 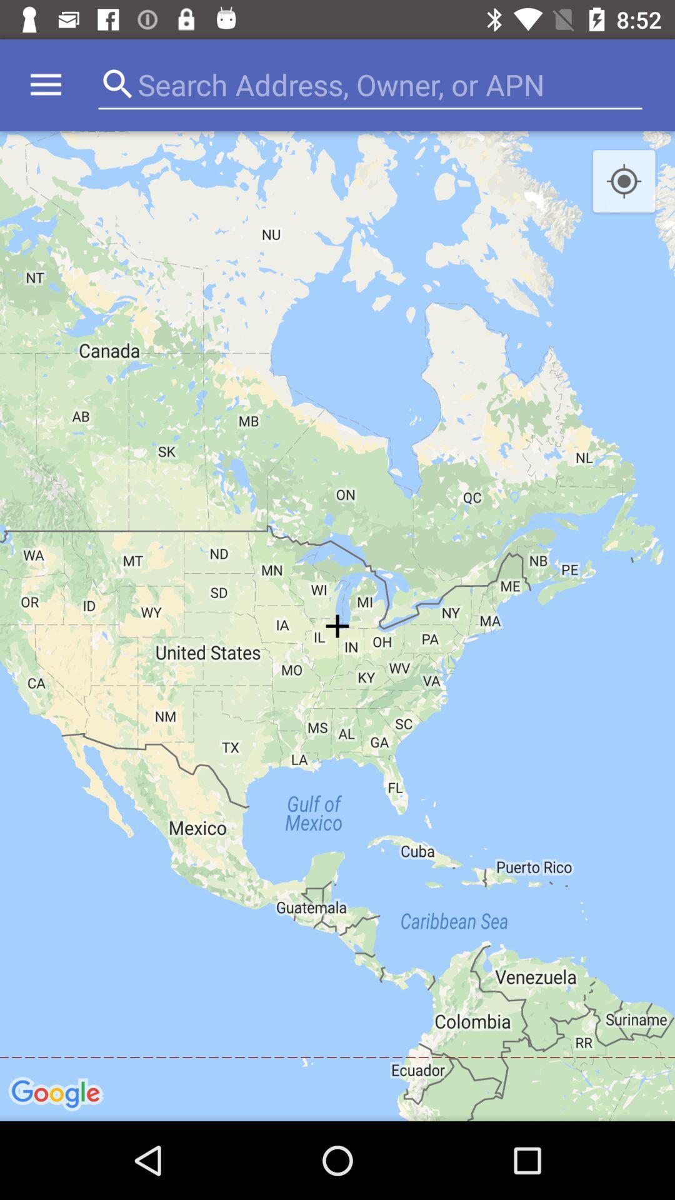 What do you see at coordinates (45, 84) in the screenshot?
I see `icon at the top left corner` at bounding box center [45, 84].